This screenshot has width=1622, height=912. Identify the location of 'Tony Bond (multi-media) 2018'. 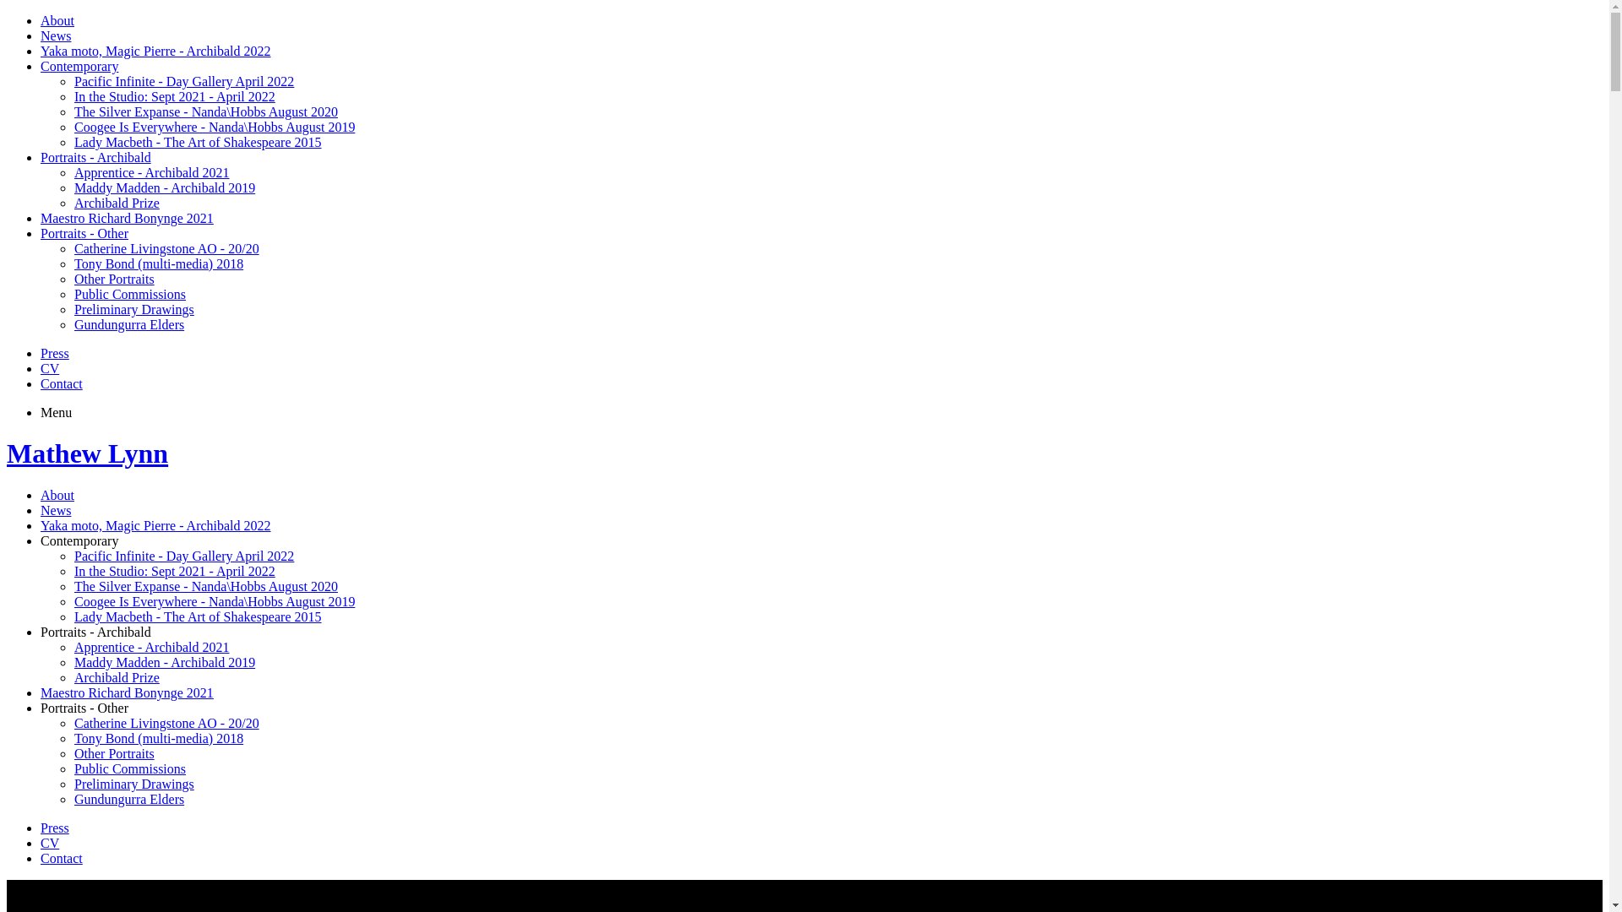
(158, 737).